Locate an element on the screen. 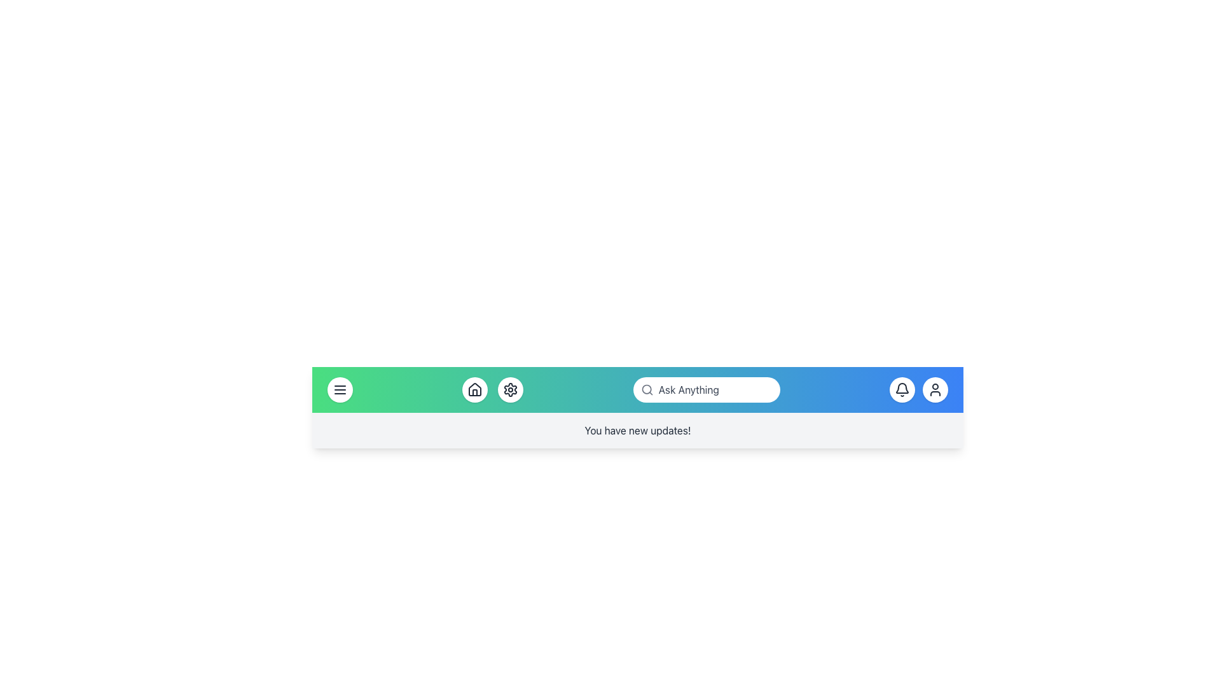 The image size is (1221, 687). the gear icon button in the navigation bar, which represents settings functionality is located at coordinates (511, 389).